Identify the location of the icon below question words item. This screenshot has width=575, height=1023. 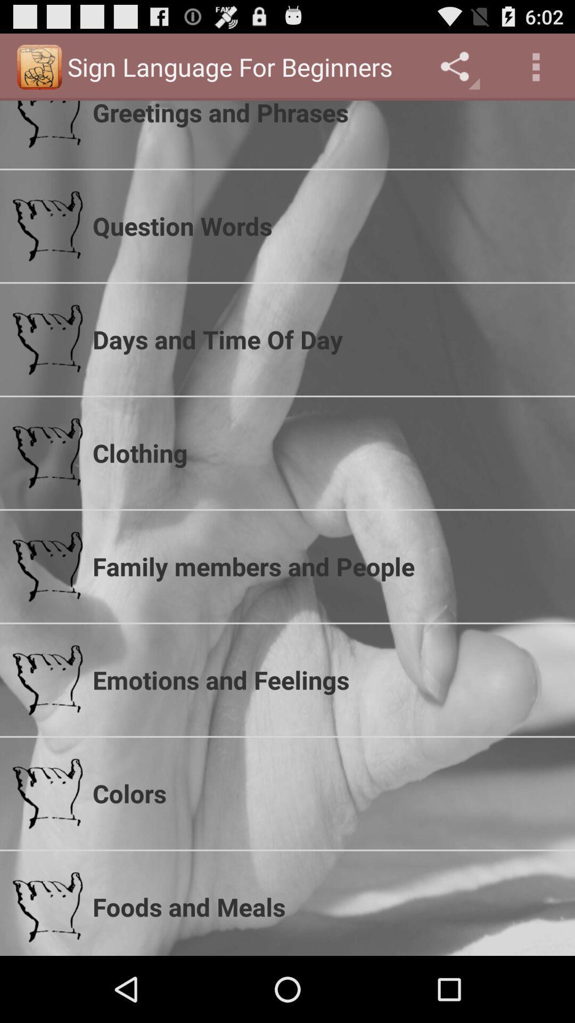
(326, 339).